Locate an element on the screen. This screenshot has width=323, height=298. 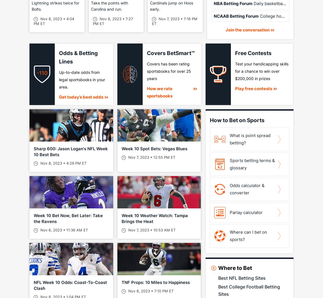
'College hoops talk' is located at coordinates (278, 16).